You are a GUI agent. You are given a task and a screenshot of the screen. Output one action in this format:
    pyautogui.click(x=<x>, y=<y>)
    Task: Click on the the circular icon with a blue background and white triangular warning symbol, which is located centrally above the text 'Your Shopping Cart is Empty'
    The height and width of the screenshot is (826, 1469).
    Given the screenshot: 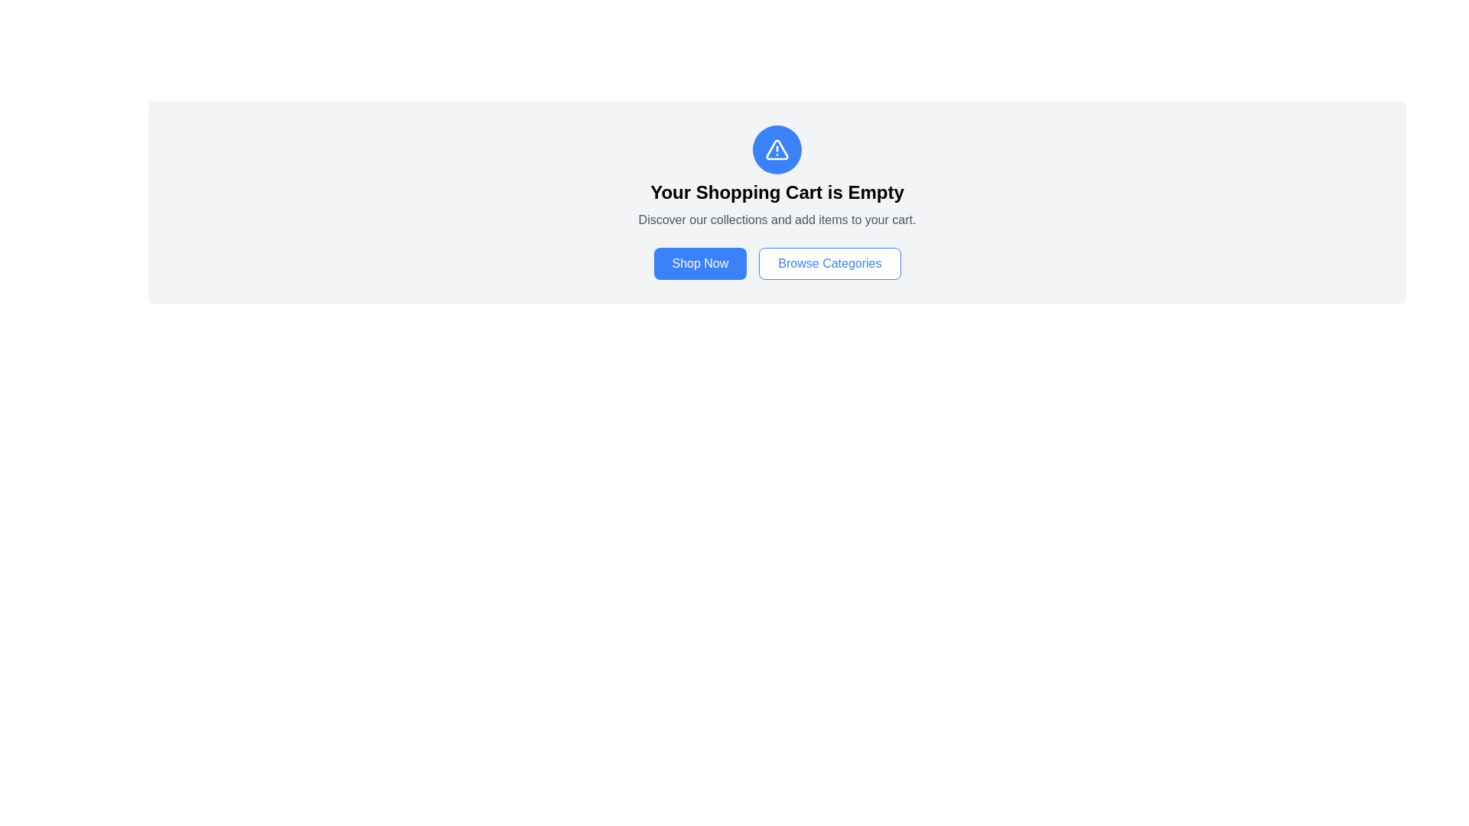 What is the action you would take?
    pyautogui.click(x=777, y=150)
    